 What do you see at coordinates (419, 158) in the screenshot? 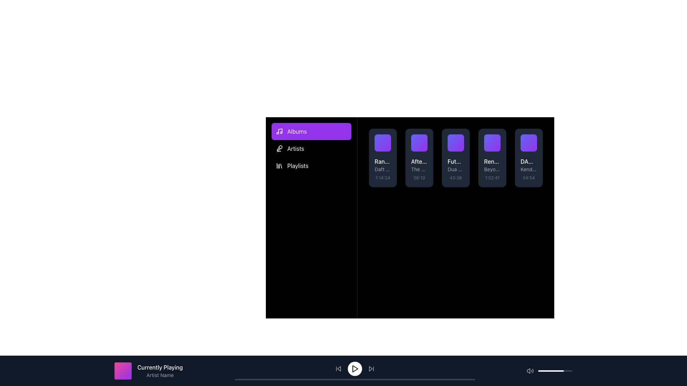
I see `the selectable card with a dark gray background featuring a purple gradient square at the top, titled 'After Hours' by 'The Weeknd'` at bounding box center [419, 158].